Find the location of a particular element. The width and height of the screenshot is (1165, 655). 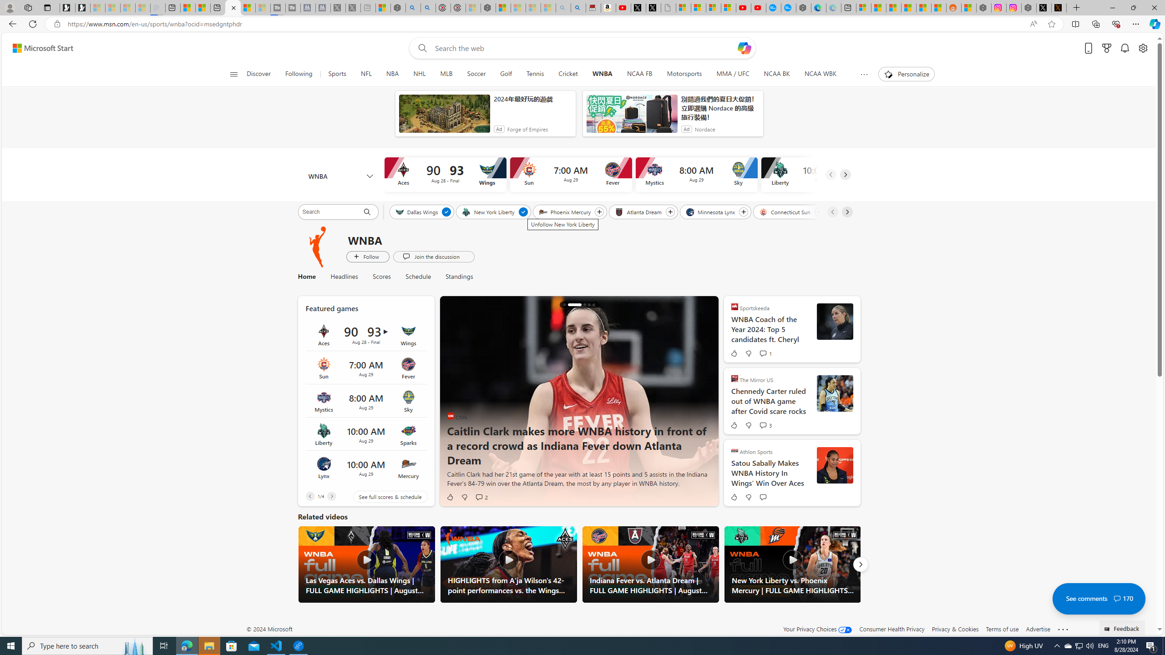

'NFL' is located at coordinates (365, 74).